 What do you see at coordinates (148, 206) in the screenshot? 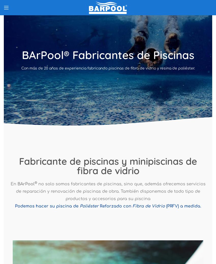
I see `'Fibra de Vidrio'` at bounding box center [148, 206].